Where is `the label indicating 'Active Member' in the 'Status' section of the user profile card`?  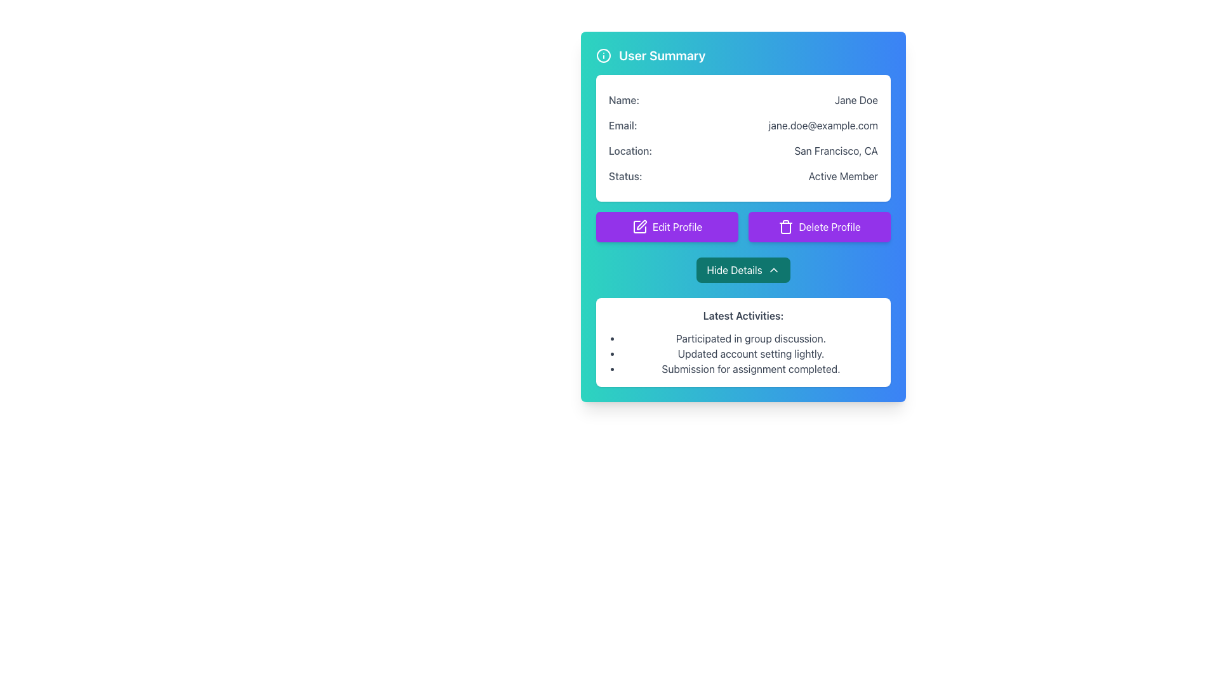 the label indicating 'Active Member' in the 'Status' section of the user profile card is located at coordinates (625, 176).